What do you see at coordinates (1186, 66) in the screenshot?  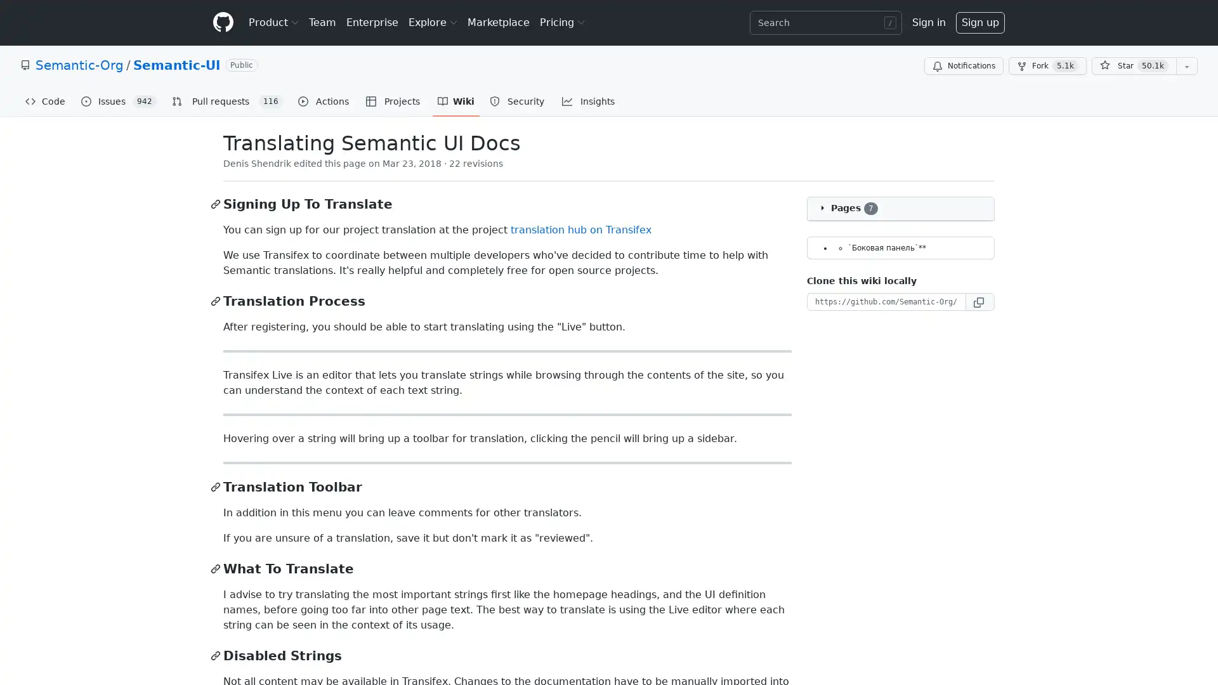 I see `You must be signed in to add this repository to a list` at bounding box center [1186, 66].